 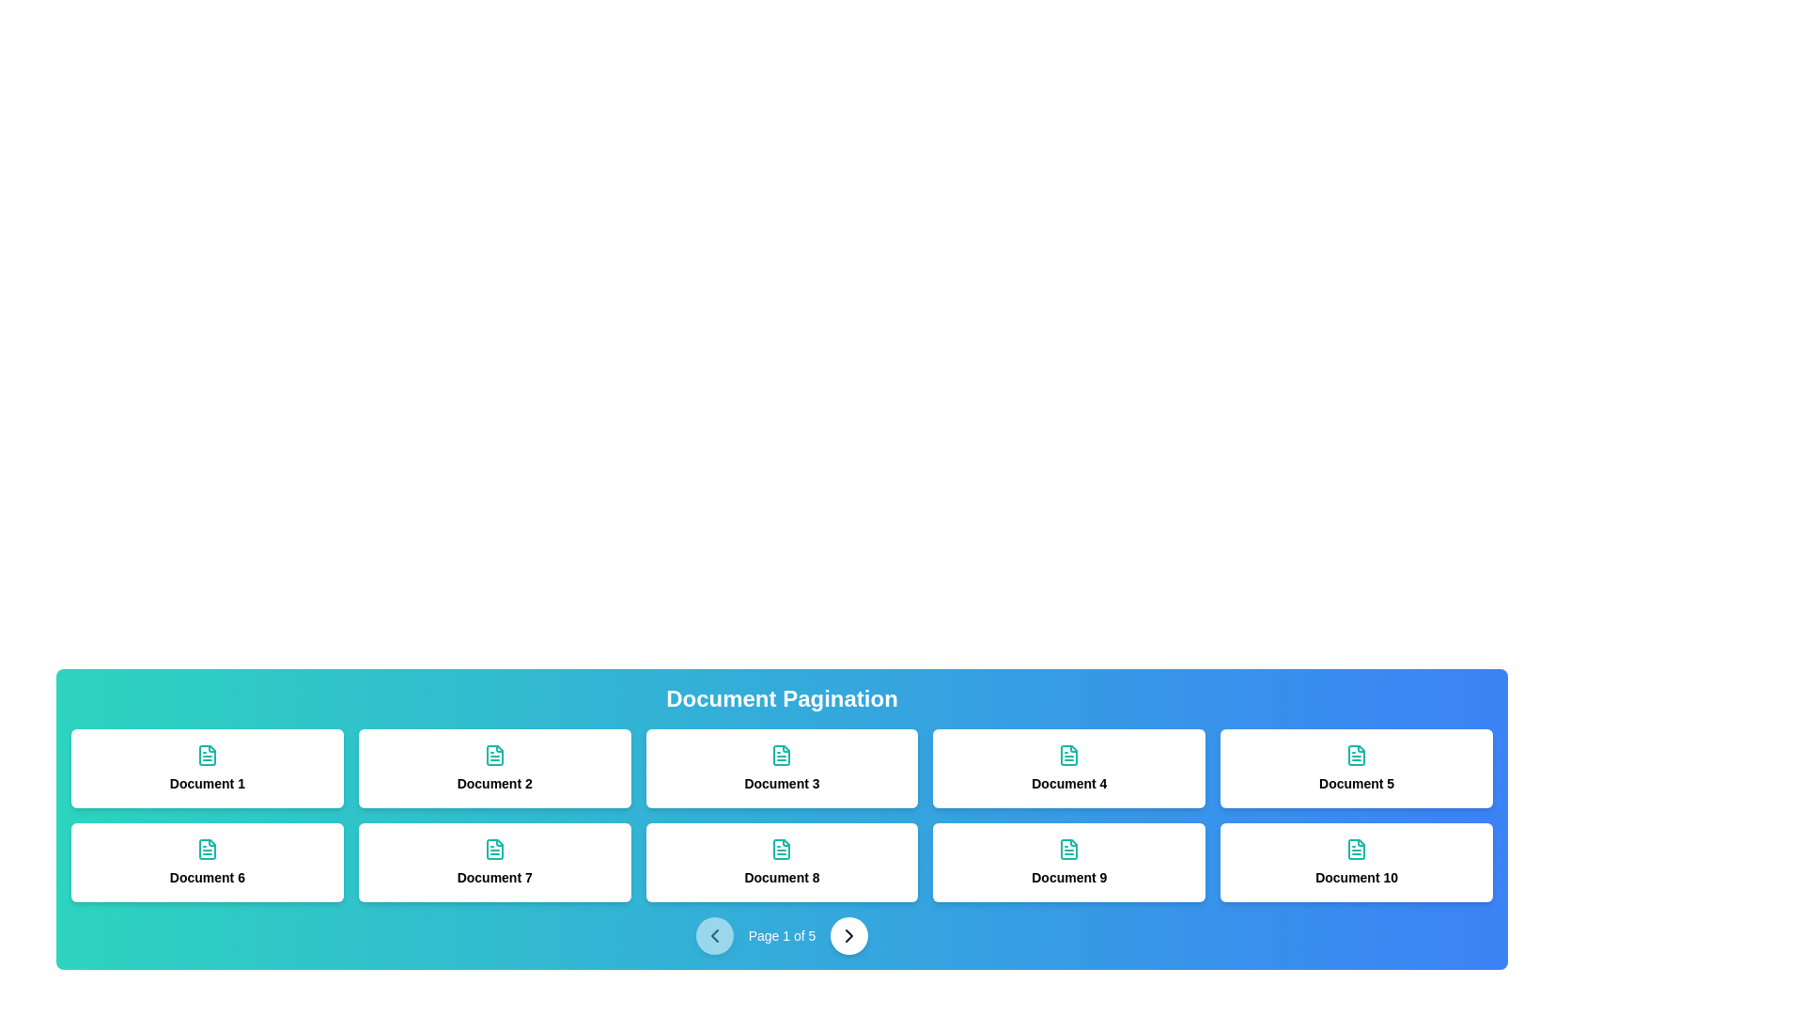 I want to click on the clickable card labeled 'Document 10' located in the last column of the second row within the grid of cards under the 'Document Pagination' section, so click(x=1357, y=863).